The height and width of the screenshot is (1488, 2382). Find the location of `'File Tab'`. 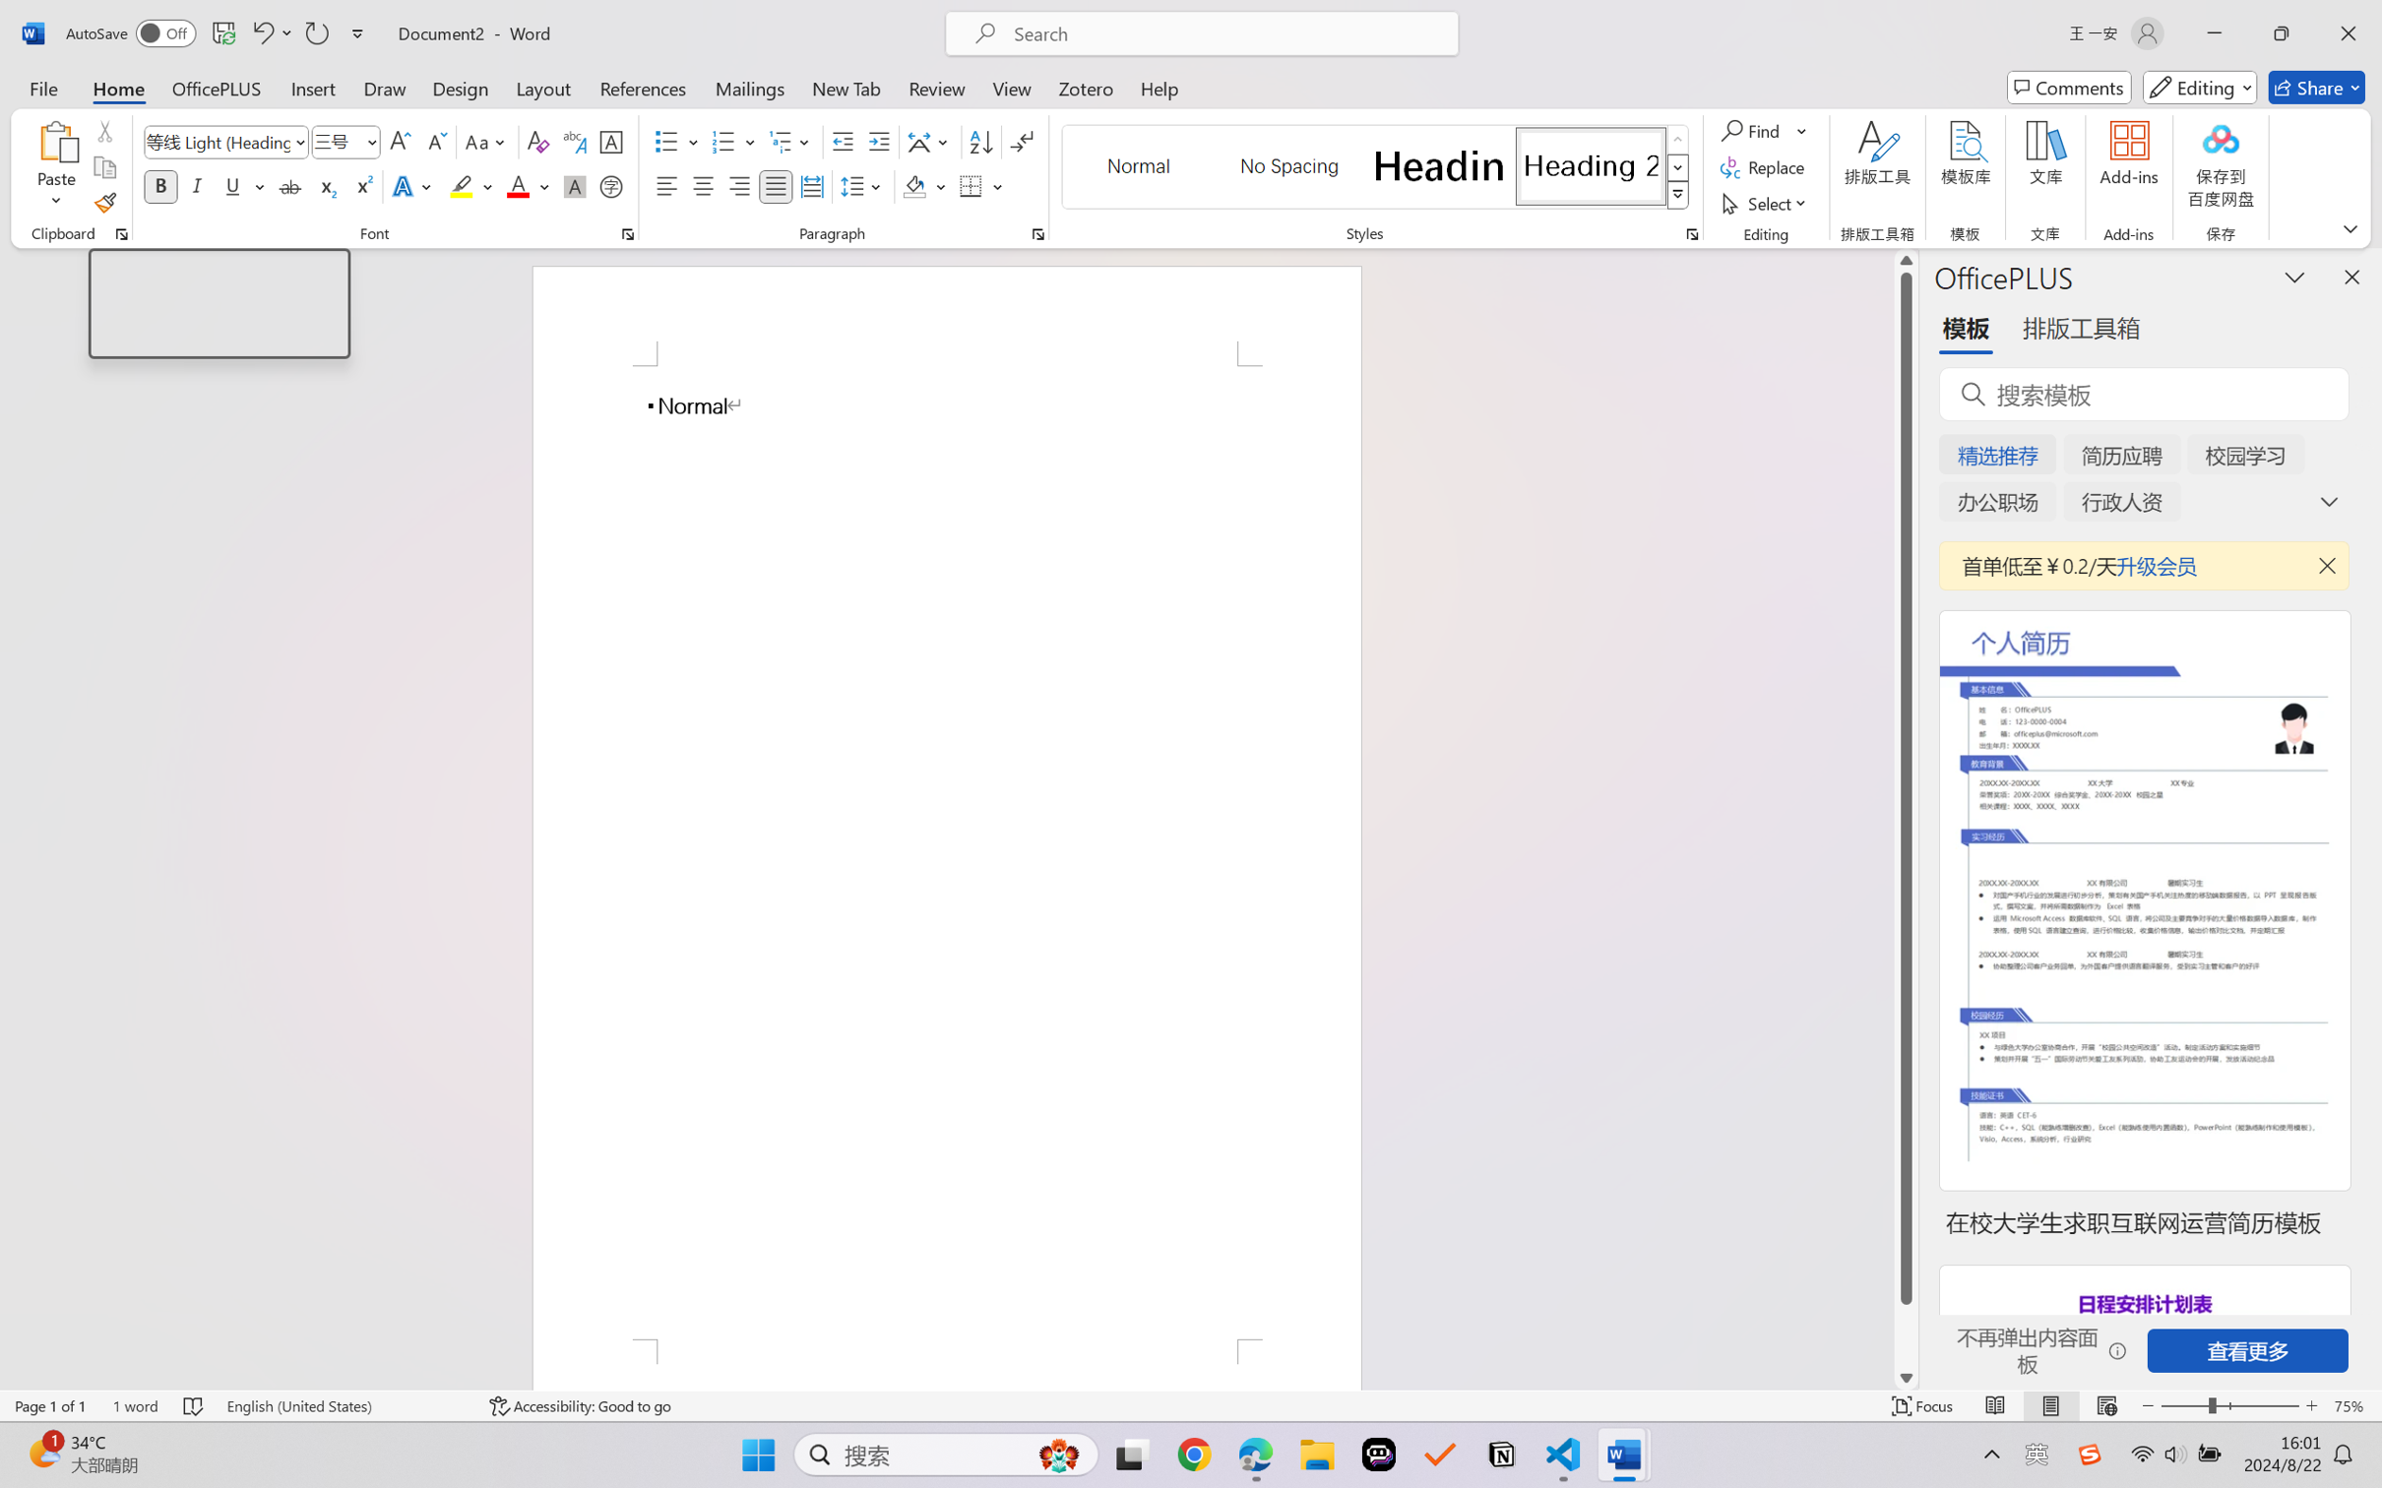

'File Tab' is located at coordinates (42, 87).